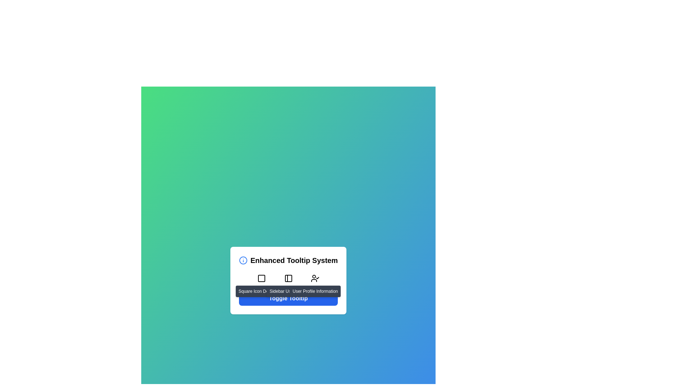 This screenshot has height=388, width=690. I want to click on elements surrounding the Tooltip that provides information about 'Sidebar Usage Tips', which appears beneath the sidebar icon in the main content area, so click(288, 291).